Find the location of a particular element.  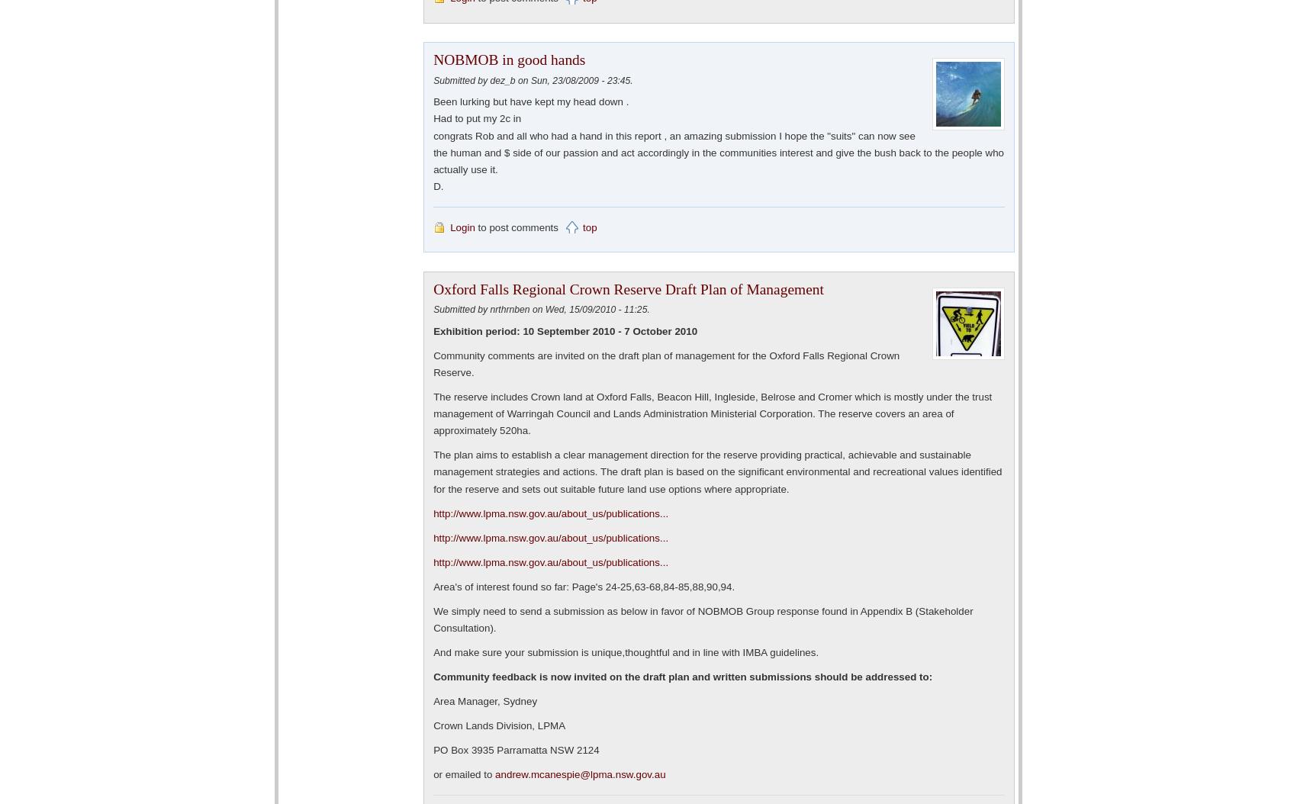

'Had to put my 2c in' is located at coordinates (476, 118).